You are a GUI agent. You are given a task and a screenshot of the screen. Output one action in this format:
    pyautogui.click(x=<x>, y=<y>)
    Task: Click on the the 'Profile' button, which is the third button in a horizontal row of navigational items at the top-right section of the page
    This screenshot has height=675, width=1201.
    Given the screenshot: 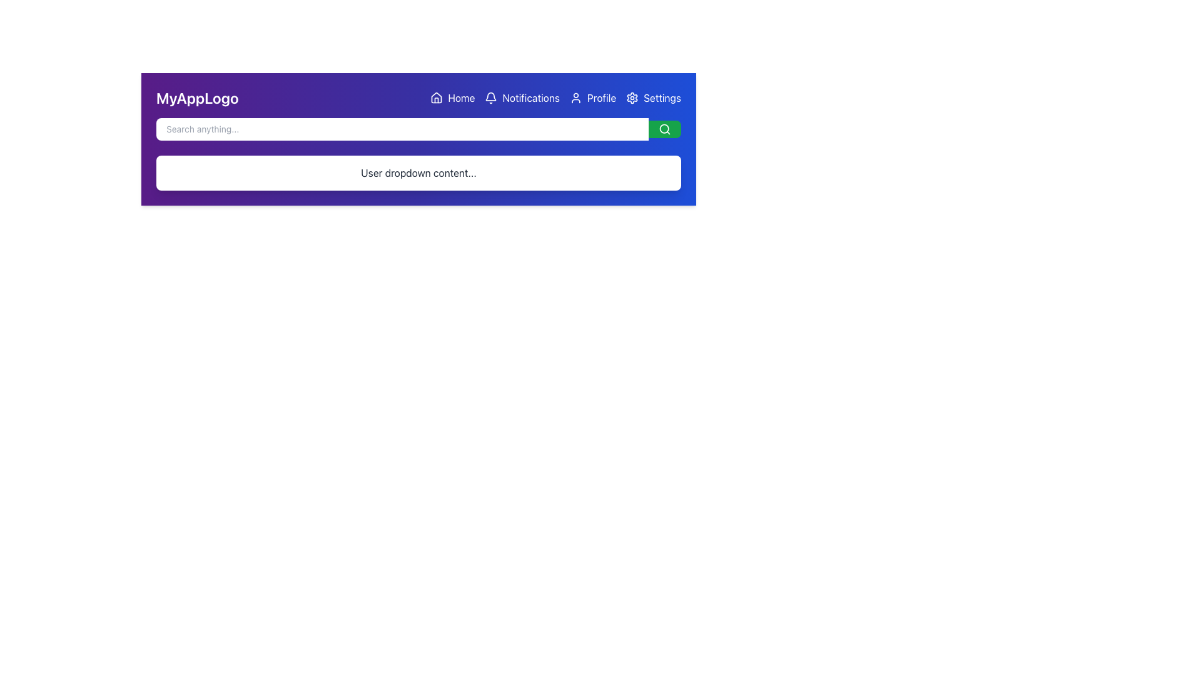 What is the action you would take?
    pyautogui.click(x=592, y=97)
    